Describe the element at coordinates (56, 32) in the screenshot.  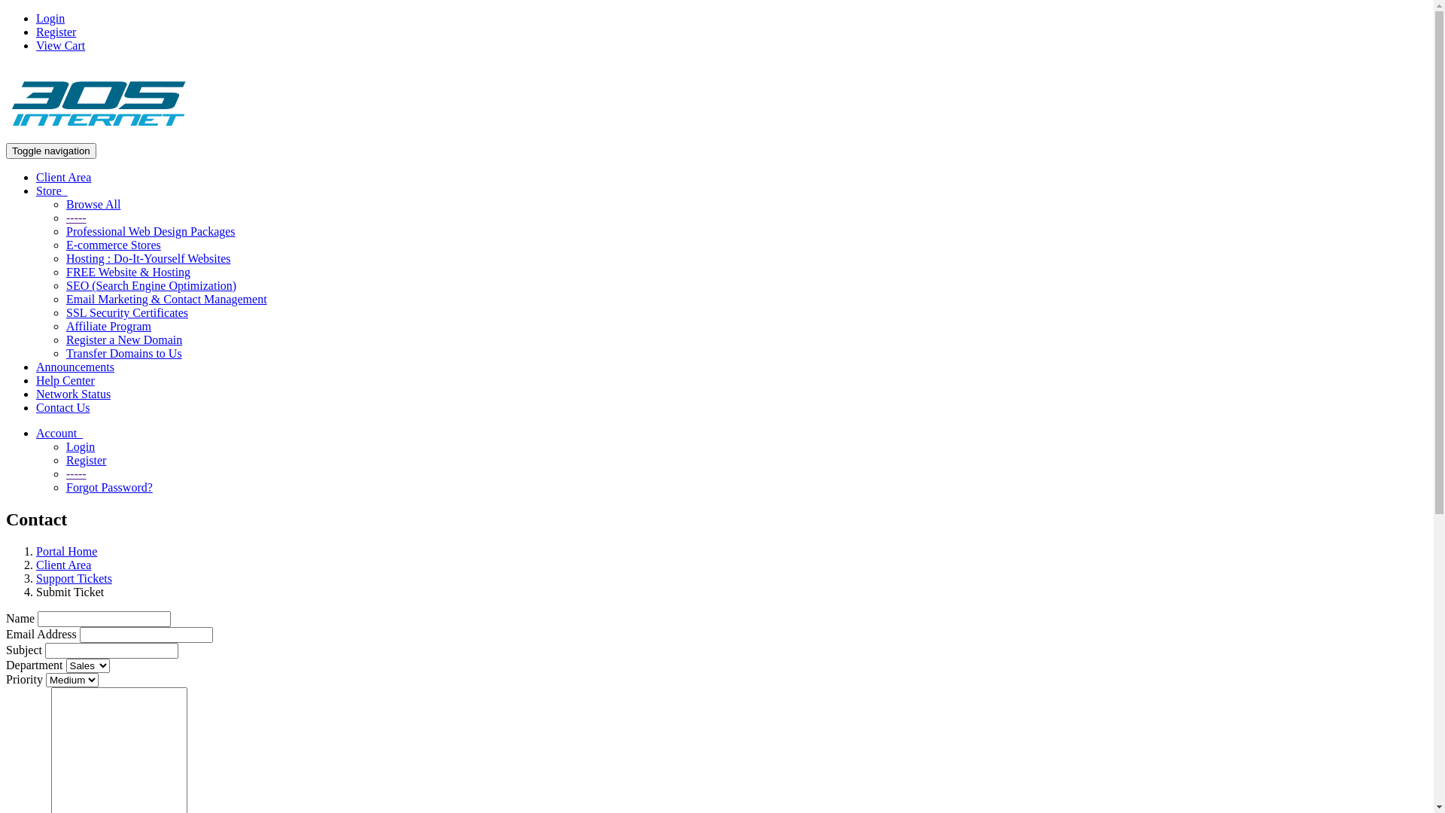
I see `'Register'` at that location.